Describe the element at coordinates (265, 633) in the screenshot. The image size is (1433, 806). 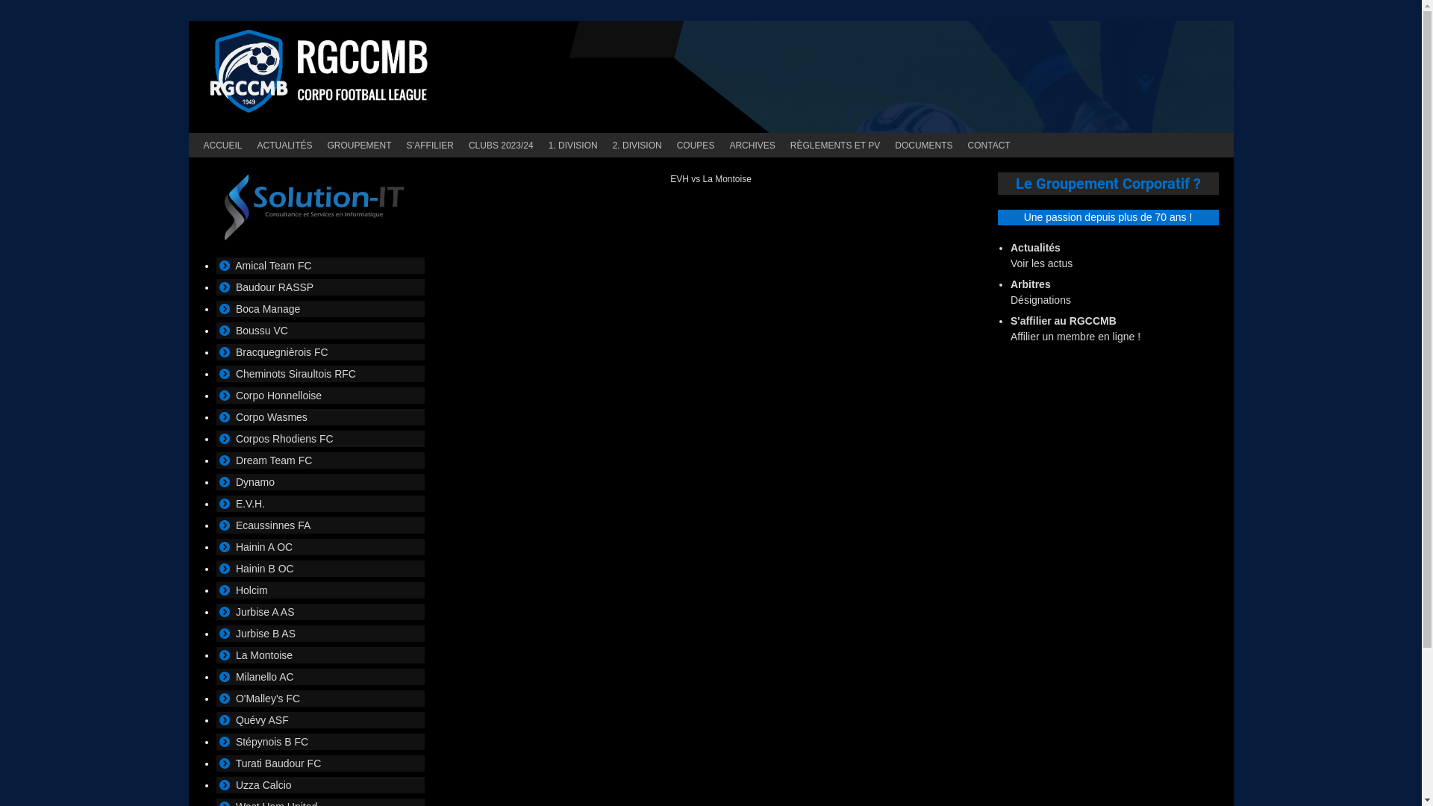
I see `'Jurbise B AS'` at that location.